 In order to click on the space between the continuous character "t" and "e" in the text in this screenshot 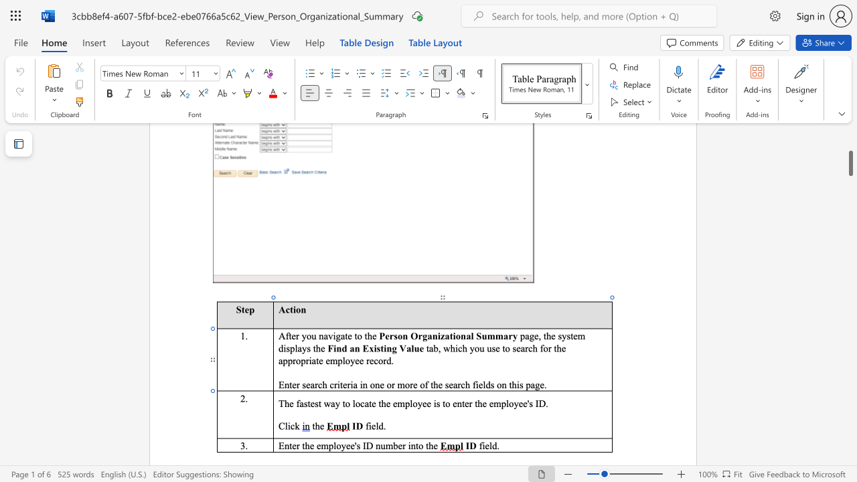, I will do `click(310, 402)`.